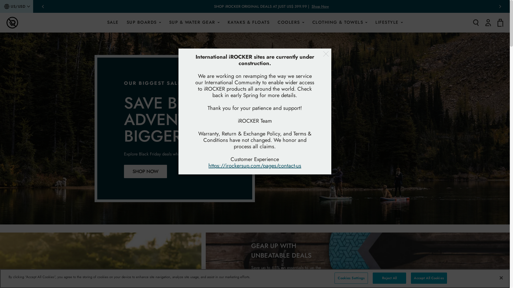 The height and width of the screenshot is (288, 513). I want to click on 'Login', so click(488, 22).